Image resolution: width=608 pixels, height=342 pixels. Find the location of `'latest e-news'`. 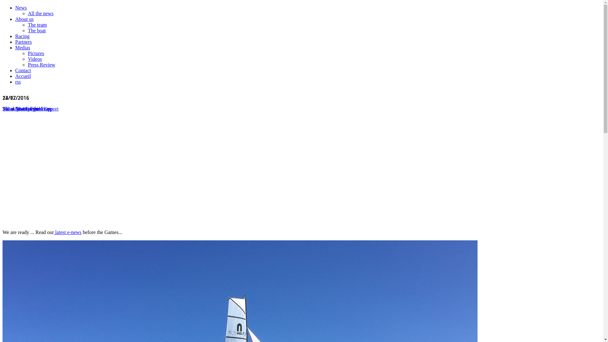

'latest e-news' is located at coordinates (54, 232).